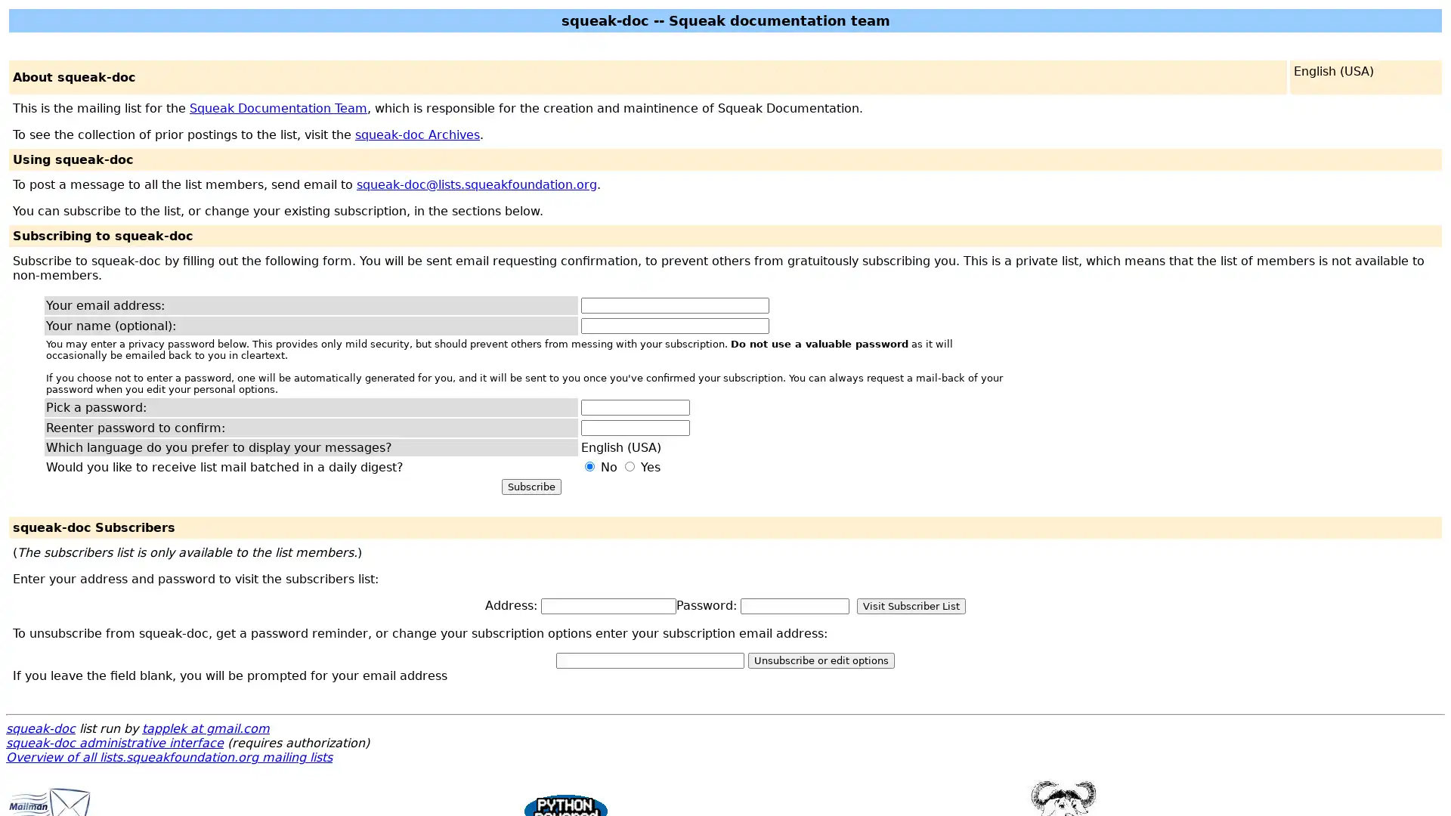 The image size is (1451, 816). Describe the element at coordinates (910, 605) in the screenshot. I see `Visit Subscriber List` at that location.